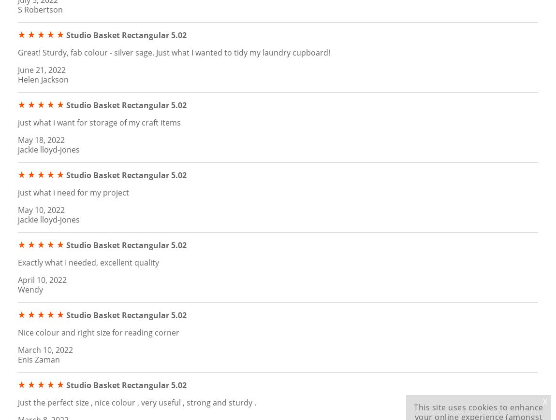 This screenshot has height=420, width=556. What do you see at coordinates (136, 402) in the screenshot?
I see `'Just the perfect size , nice colour , very useful , strong and sturdy .'` at bounding box center [136, 402].